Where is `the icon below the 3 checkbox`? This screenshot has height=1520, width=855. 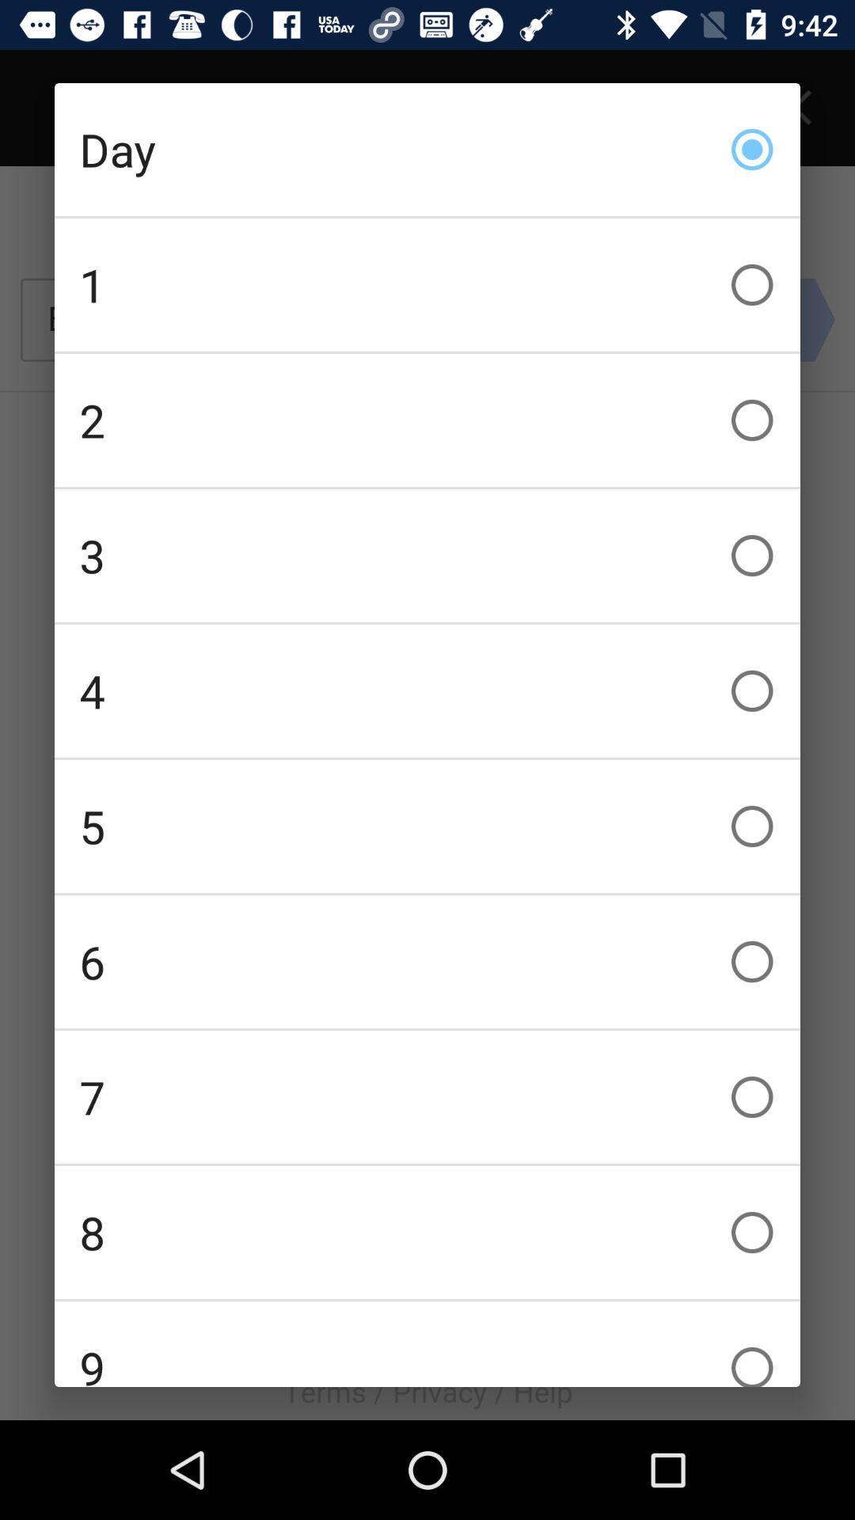
the icon below the 3 checkbox is located at coordinates (427, 691).